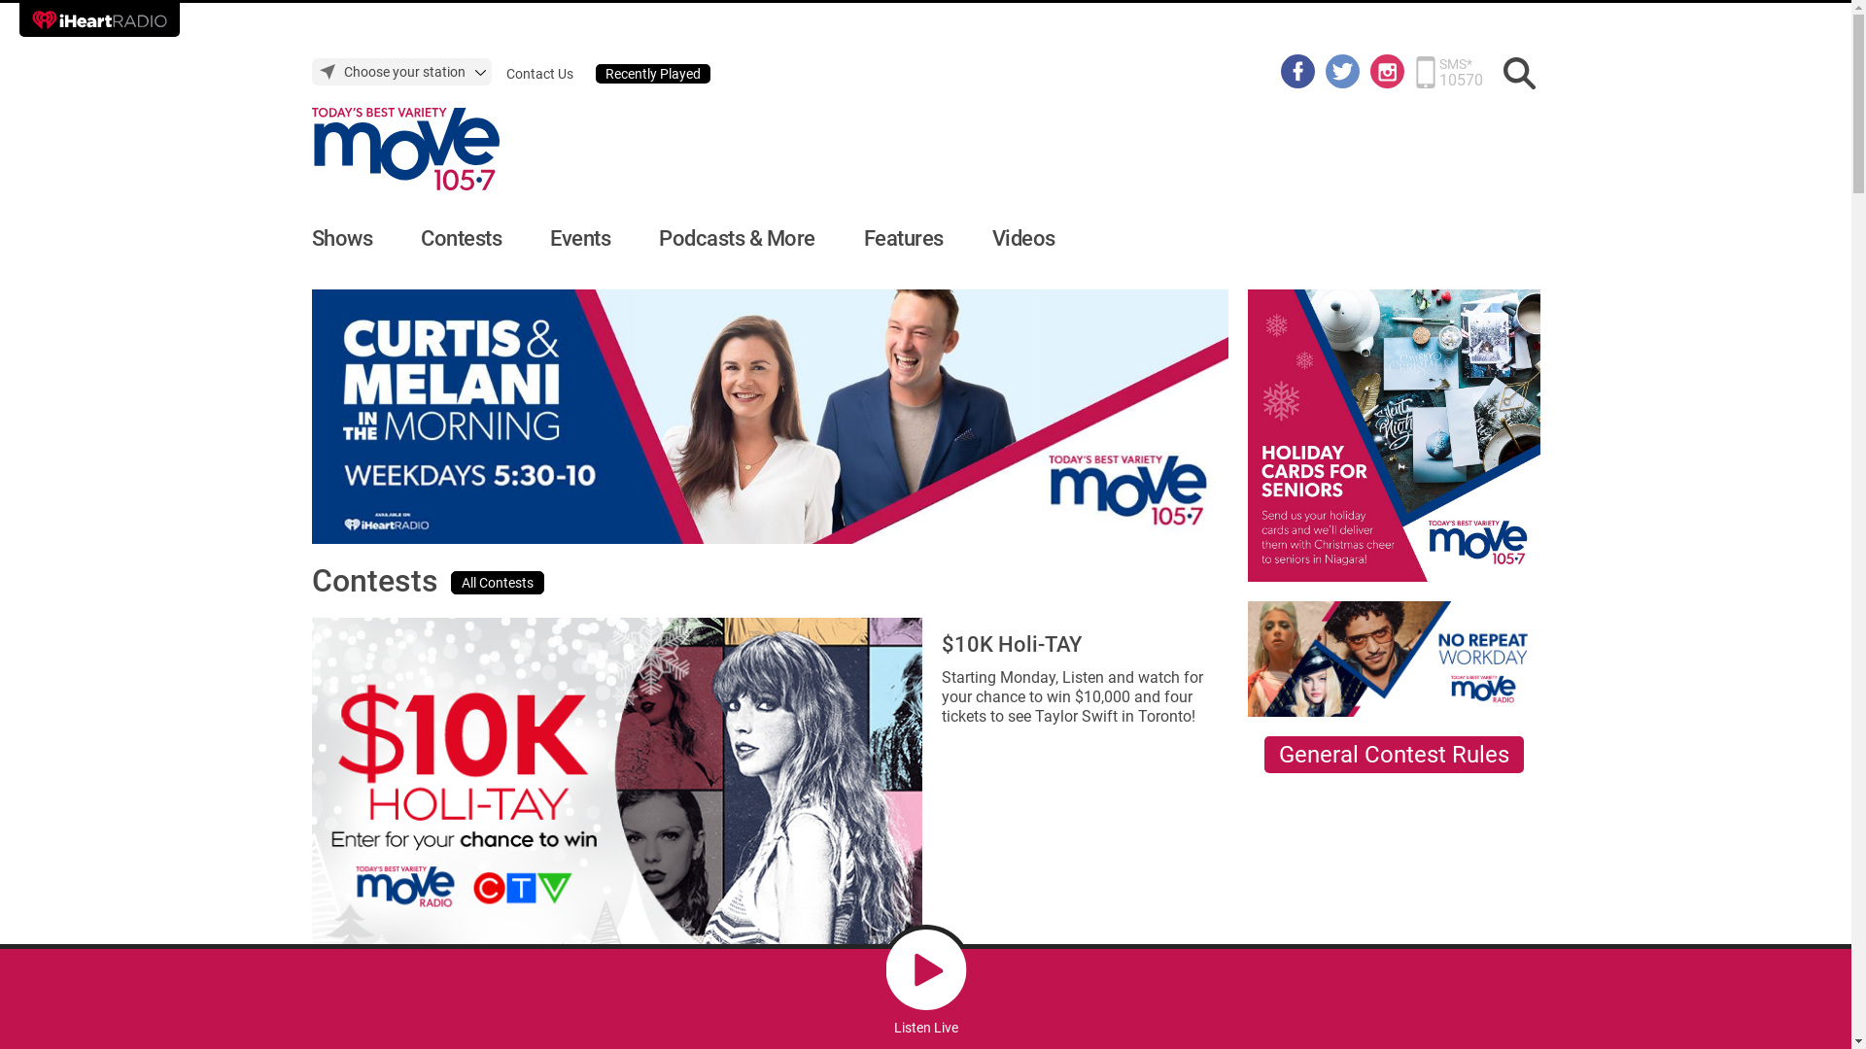 The height and width of the screenshot is (1049, 1866). I want to click on 'Videos', so click(1021, 238).